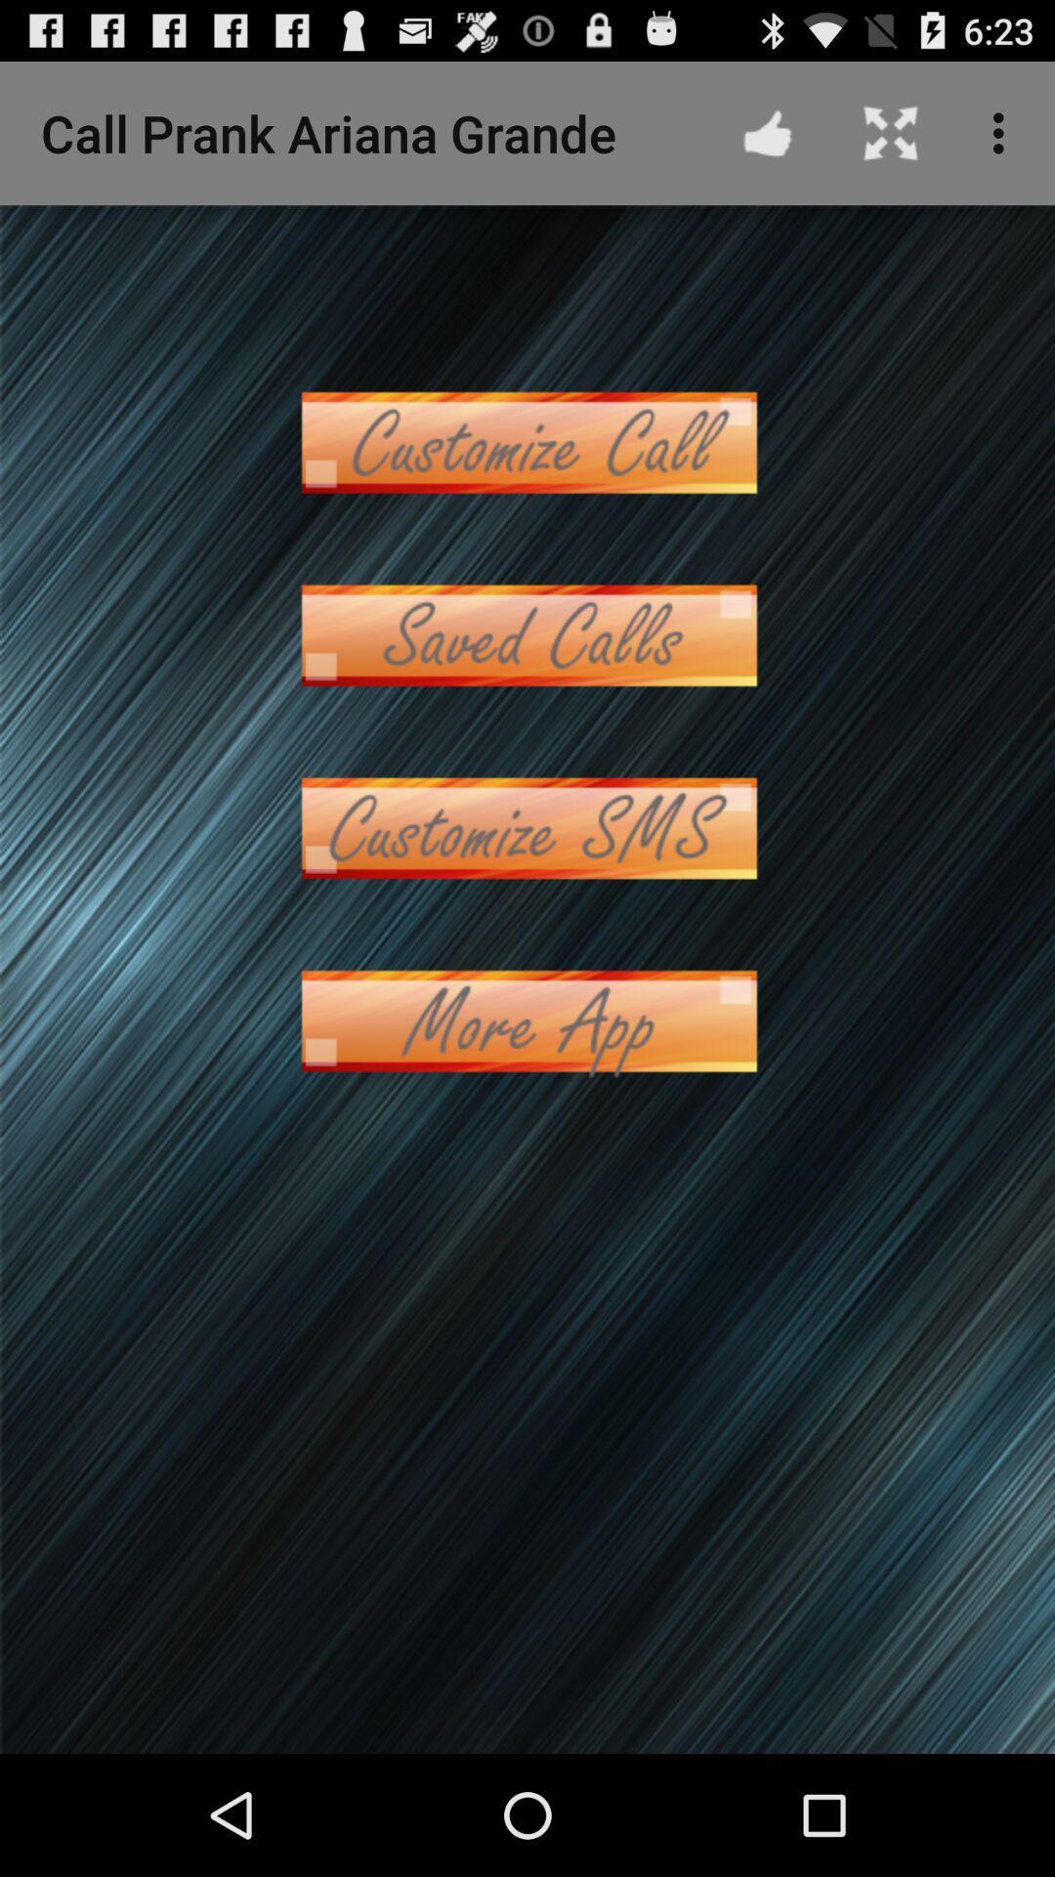 The height and width of the screenshot is (1877, 1055). What do you see at coordinates (767, 132) in the screenshot?
I see `icon next to call prank ariana icon` at bounding box center [767, 132].